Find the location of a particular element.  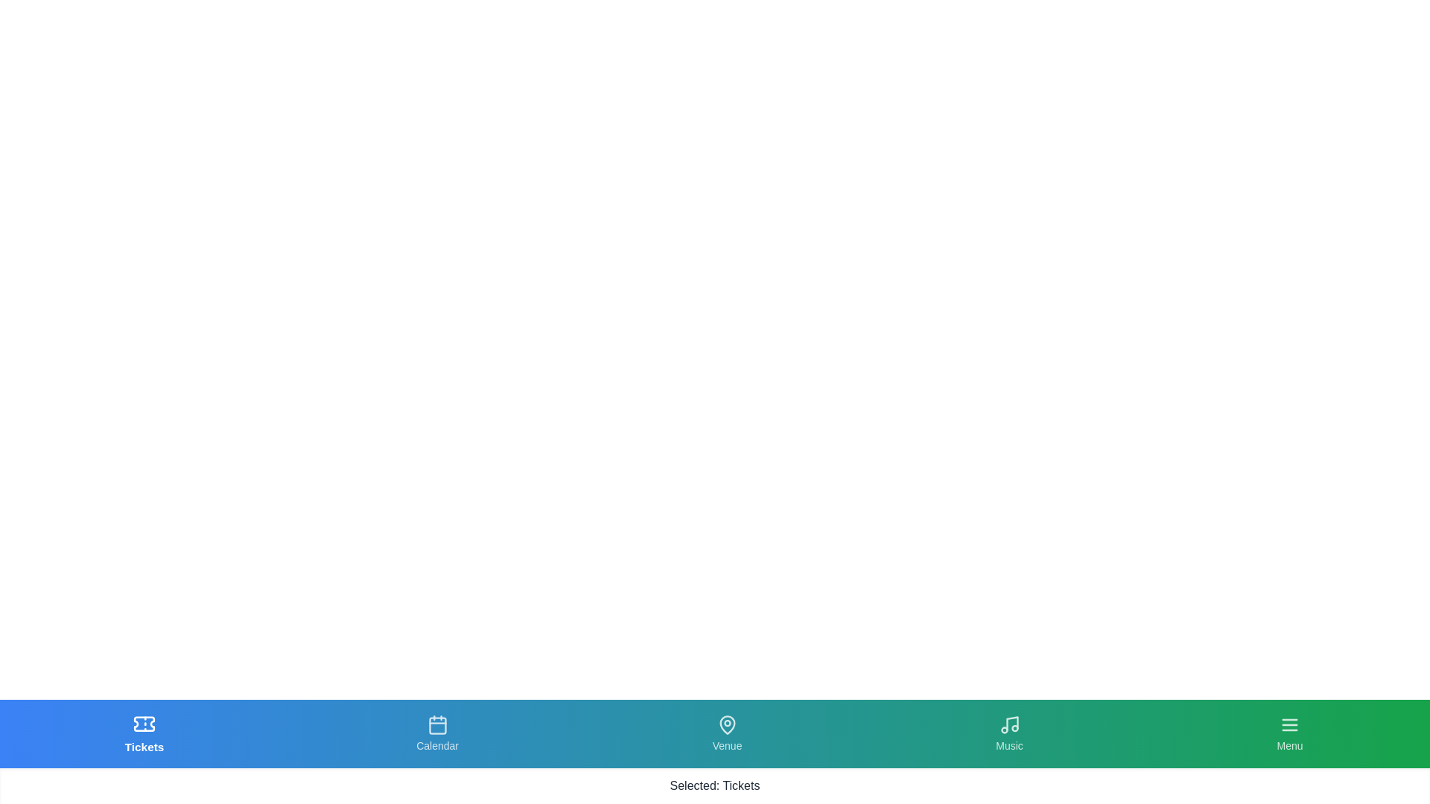

the Menu tab in the navigation bar is located at coordinates (1289, 733).